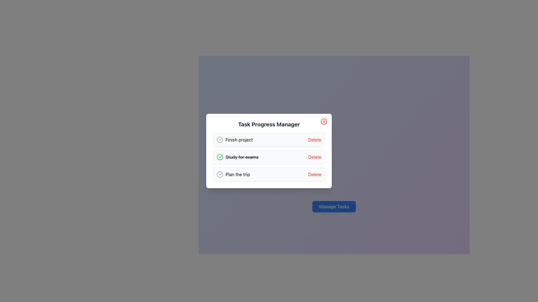 The image size is (538, 302). What do you see at coordinates (237, 157) in the screenshot?
I see `text content of the completed task labeled 'Study for exams', which has a strikethrough style and is accompanied by a green checkmark icon to its left` at bounding box center [237, 157].